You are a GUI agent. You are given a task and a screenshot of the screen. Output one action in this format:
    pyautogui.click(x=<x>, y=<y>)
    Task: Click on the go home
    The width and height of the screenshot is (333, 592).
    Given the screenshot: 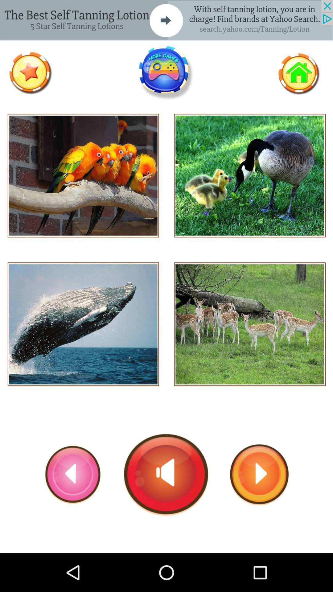 What is the action you would take?
    pyautogui.click(x=298, y=73)
    